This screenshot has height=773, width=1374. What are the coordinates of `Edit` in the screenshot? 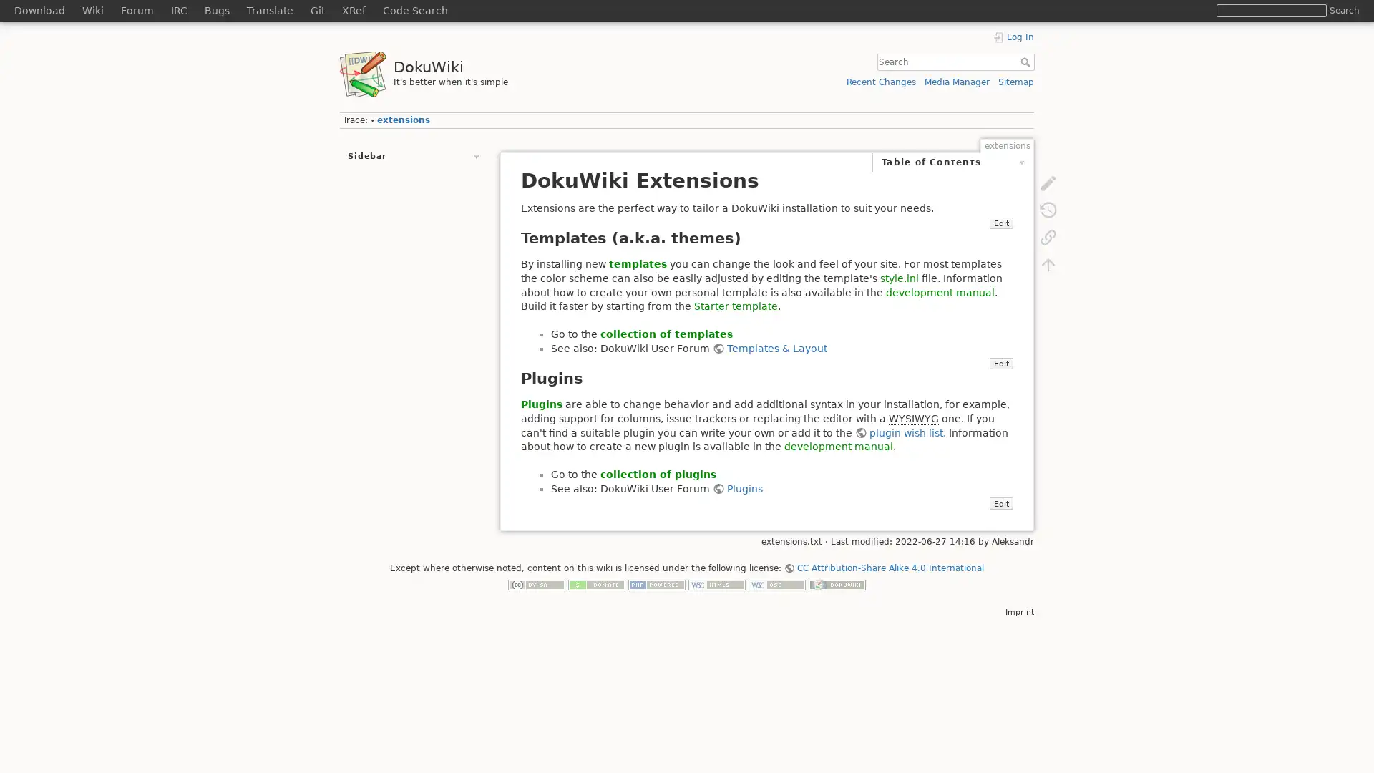 It's located at (1000, 517).